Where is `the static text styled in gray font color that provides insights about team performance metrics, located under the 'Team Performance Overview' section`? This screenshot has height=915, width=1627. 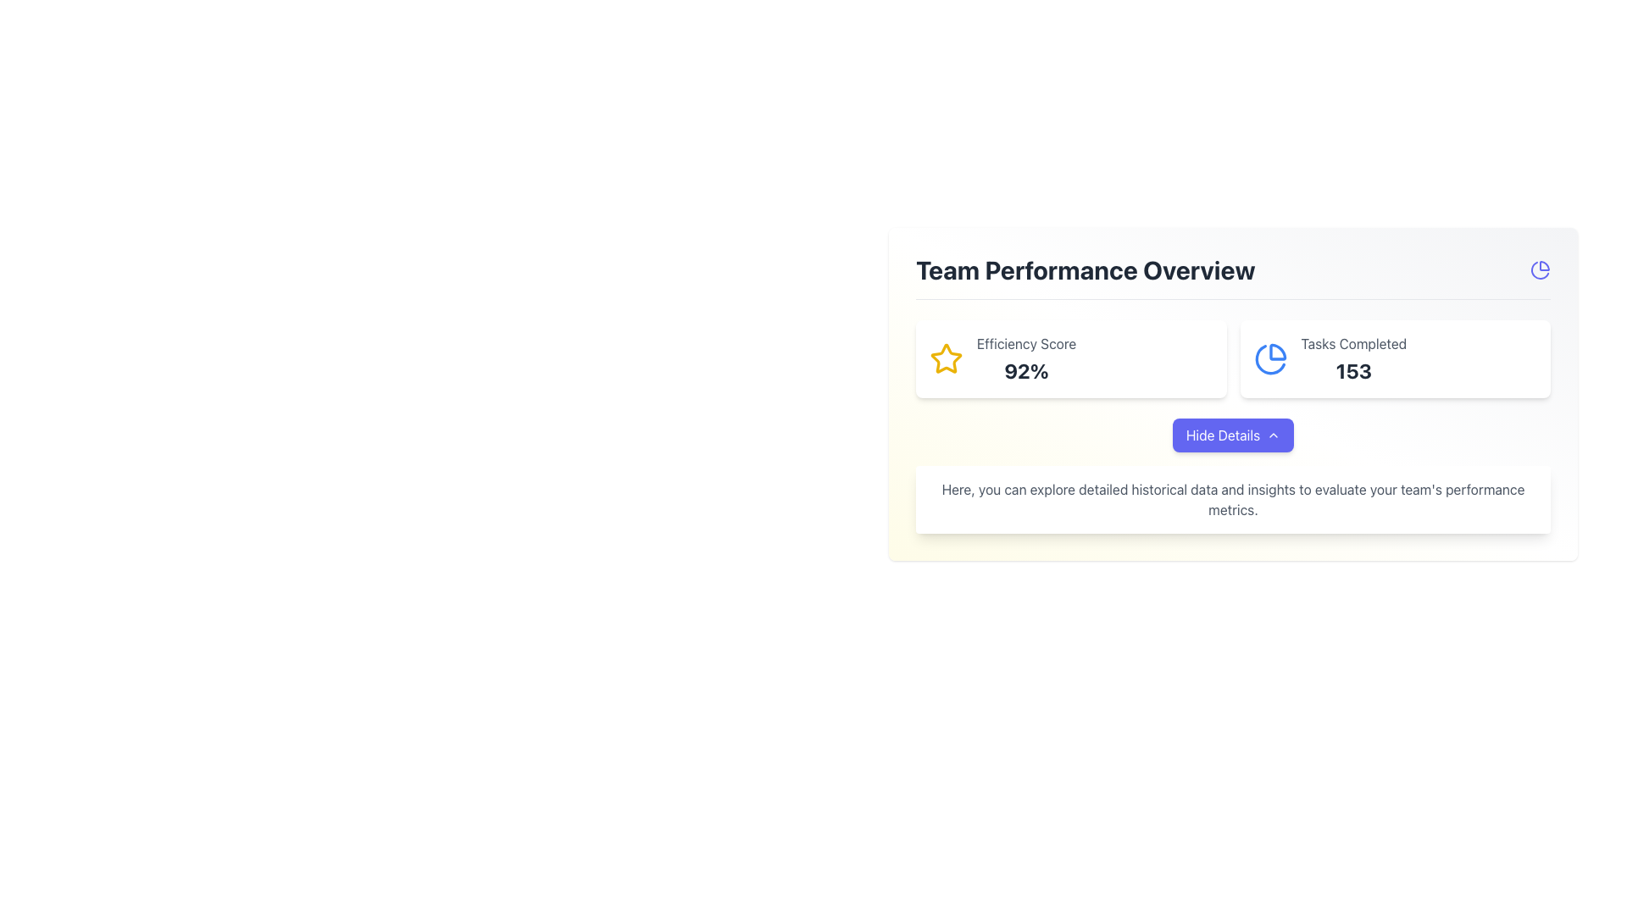 the static text styled in gray font color that provides insights about team performance metrics, located under the 'Team Performance Overview' section is located at coordinates (1233, 499).